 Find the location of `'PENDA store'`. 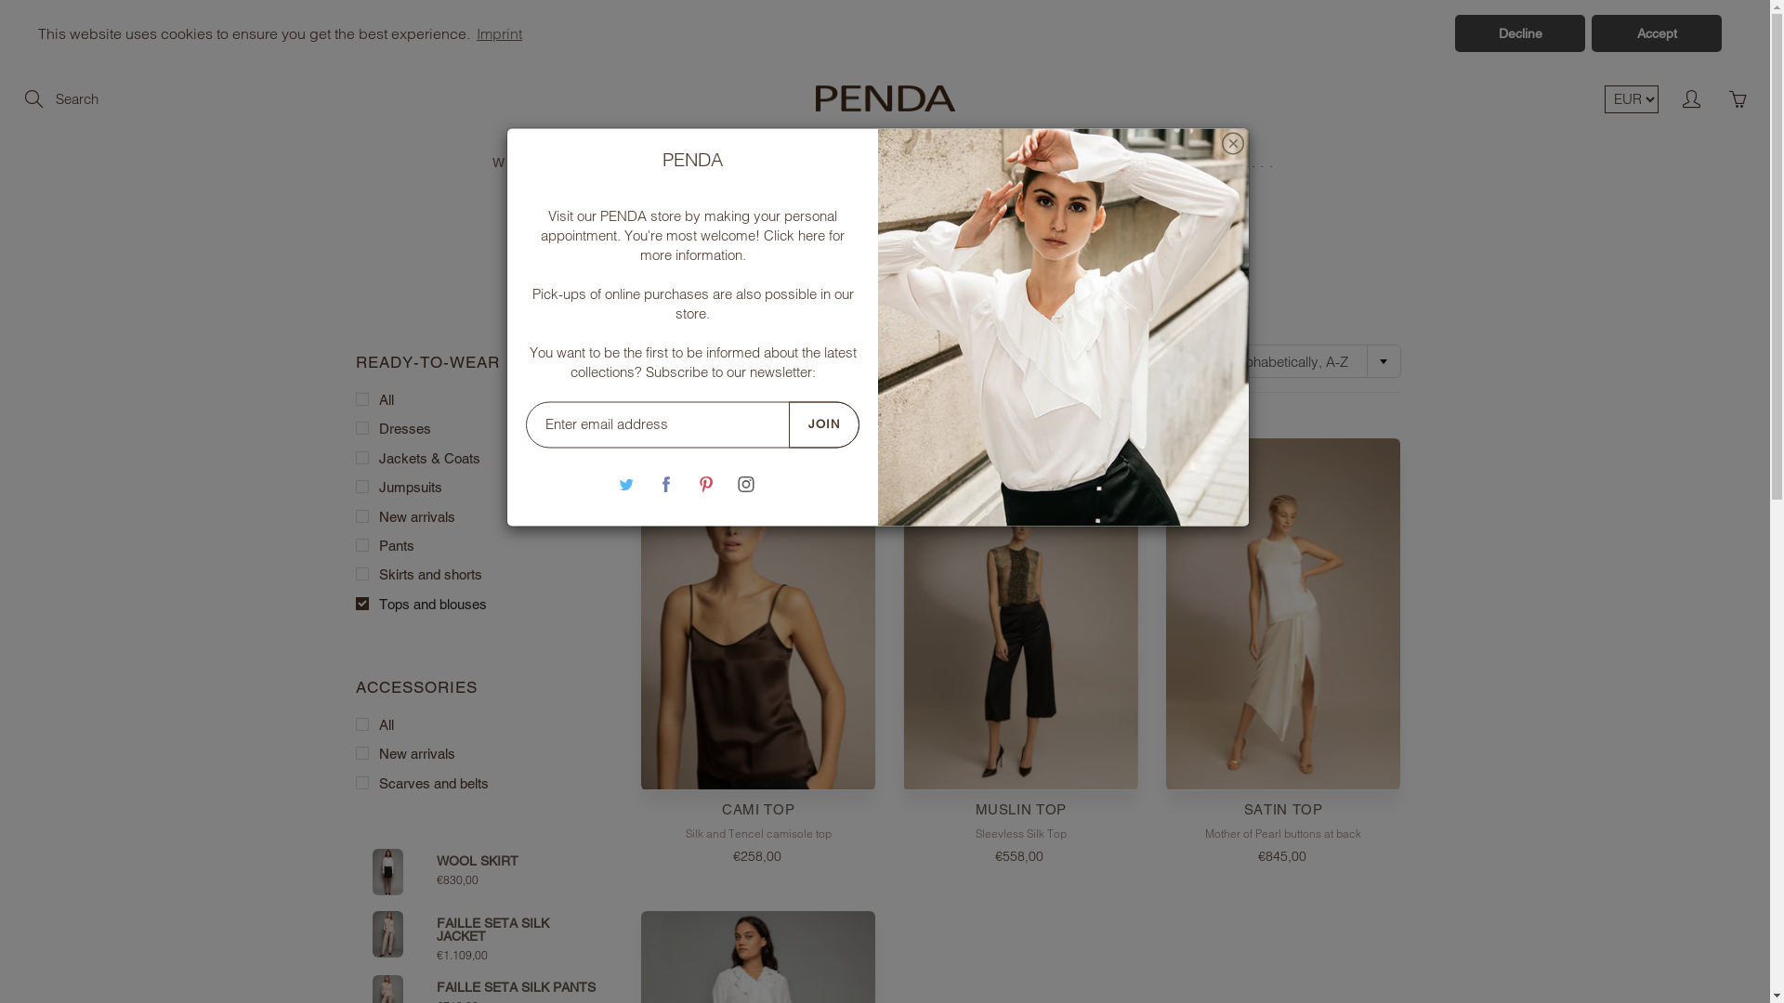

'PENDA store' is located at coordinates (640, 215).